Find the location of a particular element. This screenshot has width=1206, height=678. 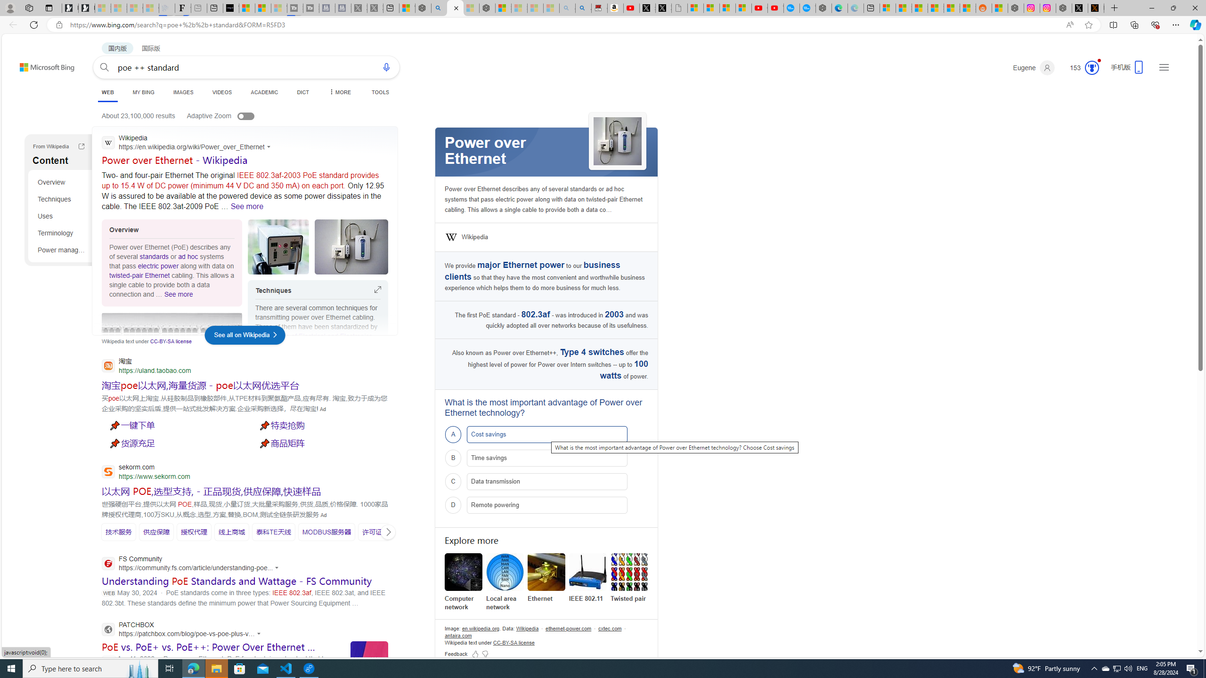

'D Remote powering' is located at coordinates (546, 505).